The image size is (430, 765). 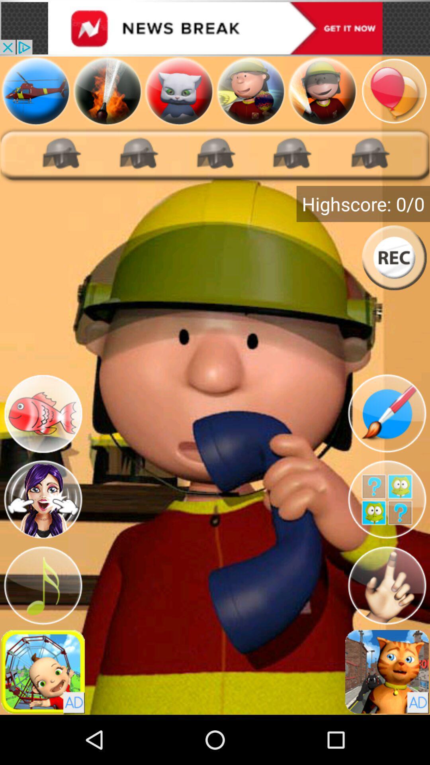 What do you see at coordinates (43, 535) in the screenshot?
I see `the avatar icon` at bounding box center [43, 535].